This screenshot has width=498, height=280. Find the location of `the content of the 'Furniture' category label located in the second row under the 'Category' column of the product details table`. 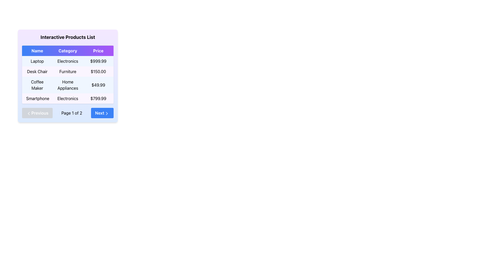

the content of the 'Furniture' category label located in the second row under the 'Category' column of the product details table is located at coordinates (67, 72).